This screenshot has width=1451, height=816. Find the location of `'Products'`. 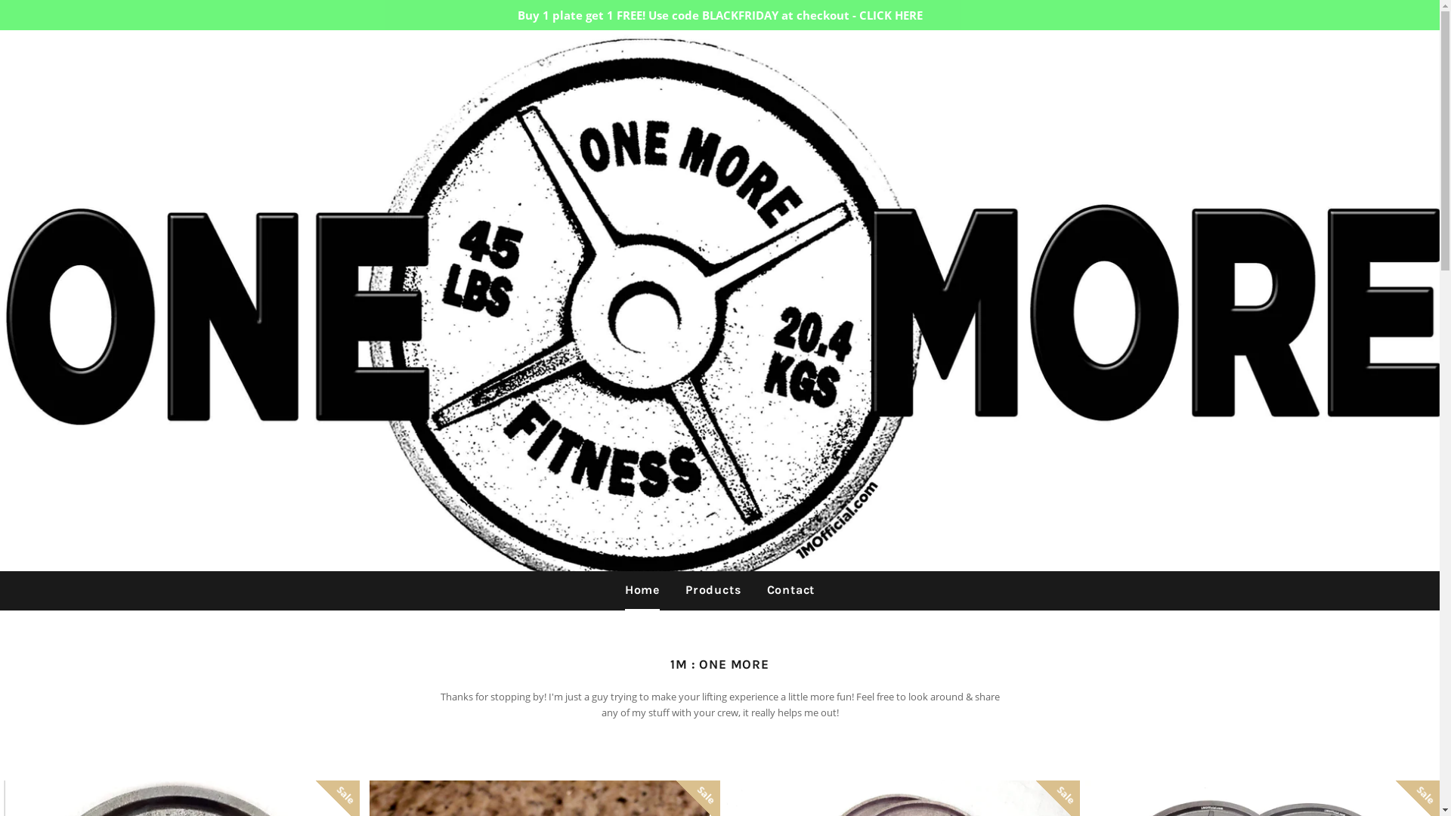

'Products' is located at coordinates (673, 589).